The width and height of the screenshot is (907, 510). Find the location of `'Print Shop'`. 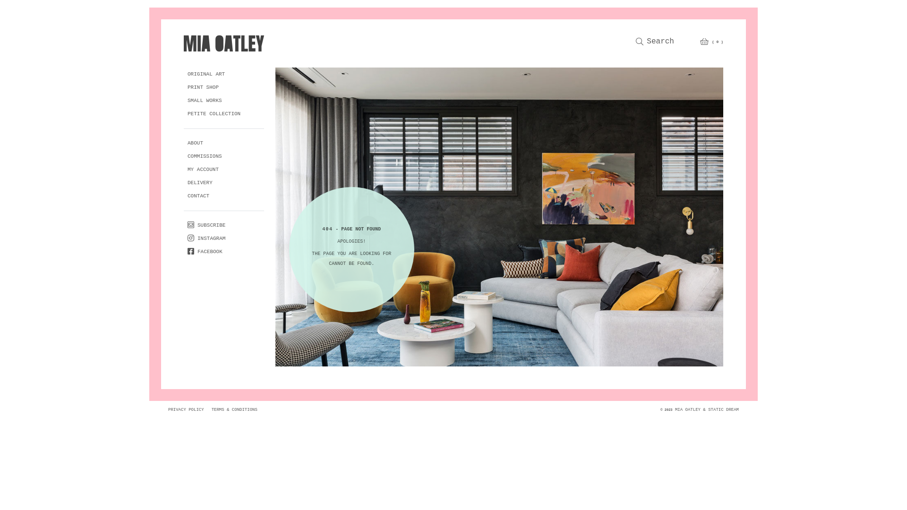

'Print Shop' is located at coordinates (203, 87).